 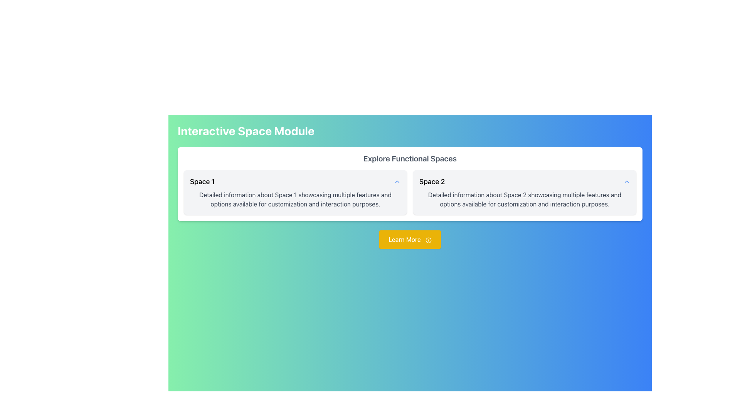 I want to click on the 'Learn More' button, which is a prominent yellow button with rounded corners located at the bottom of the interface, so click(x=410, y=239).